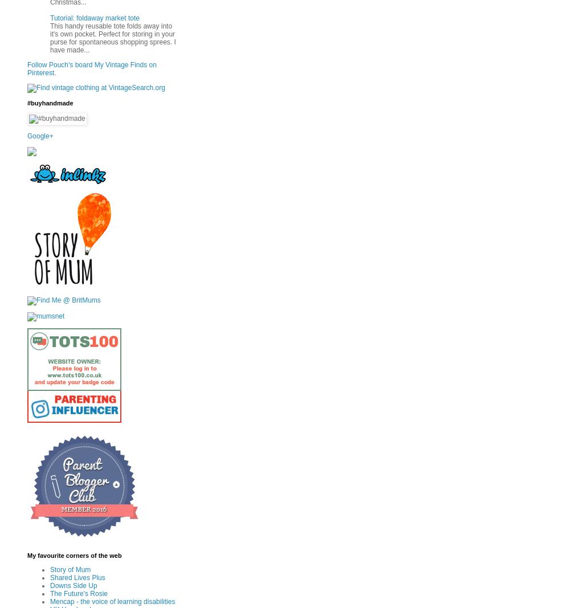  I want to click on 'Follow Pouch's board My Vintage Finds on Pinterest.', so click(91, 68).